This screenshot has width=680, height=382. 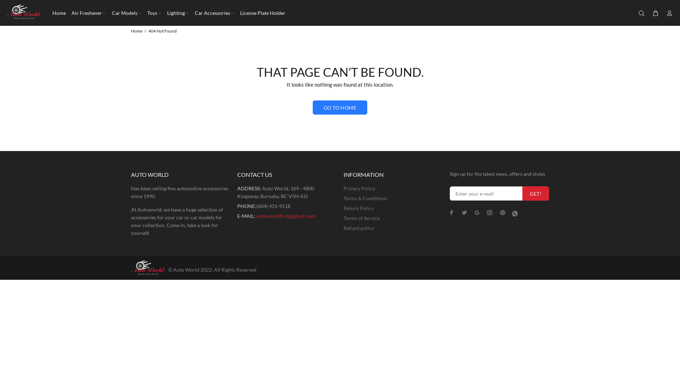 What do you see at coordinates (154, 13) in the screenshot?
I see `'Toys'` at bounding box center [154, 13].